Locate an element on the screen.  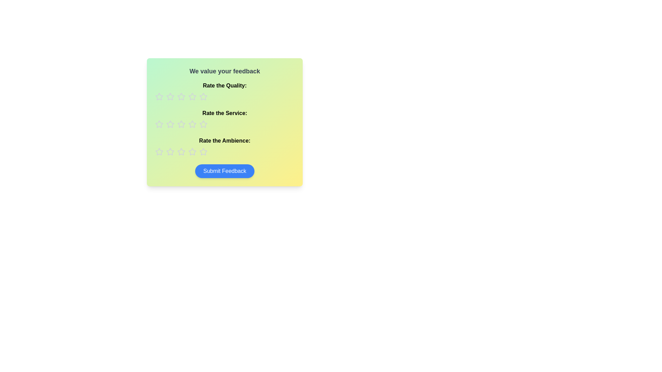
a star in the feedback panel is located at coordinates (225, 122).